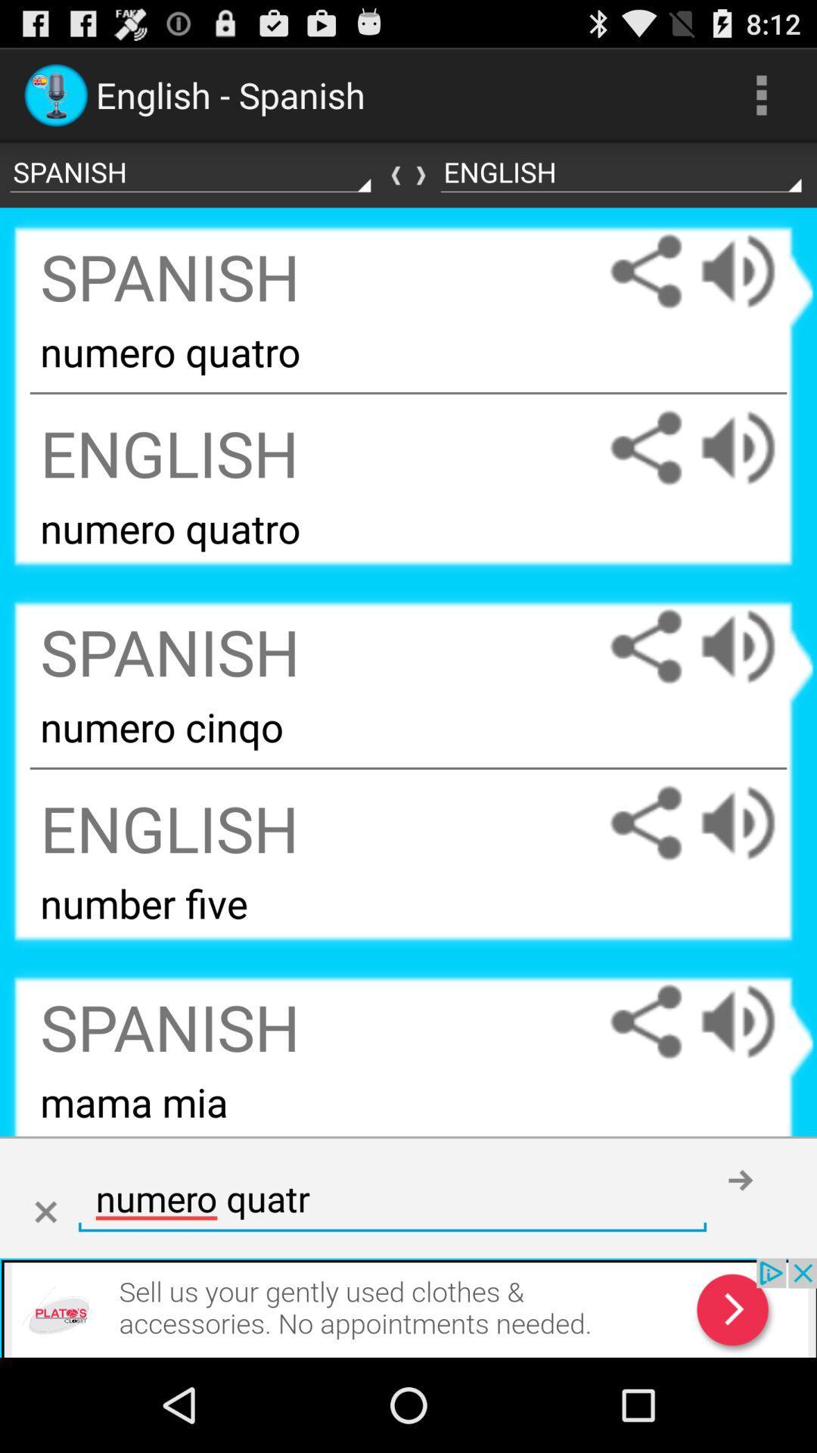 Image resolution: width=817 pixels, height=1453 pixels. I want to click on share the translation, so click(645, 271).